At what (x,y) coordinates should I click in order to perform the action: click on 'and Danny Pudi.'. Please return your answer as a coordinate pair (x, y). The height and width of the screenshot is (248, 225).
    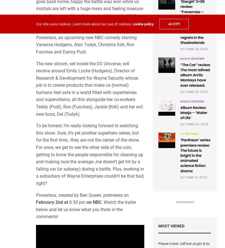
    Looking at the image, I should click on (53, 52).